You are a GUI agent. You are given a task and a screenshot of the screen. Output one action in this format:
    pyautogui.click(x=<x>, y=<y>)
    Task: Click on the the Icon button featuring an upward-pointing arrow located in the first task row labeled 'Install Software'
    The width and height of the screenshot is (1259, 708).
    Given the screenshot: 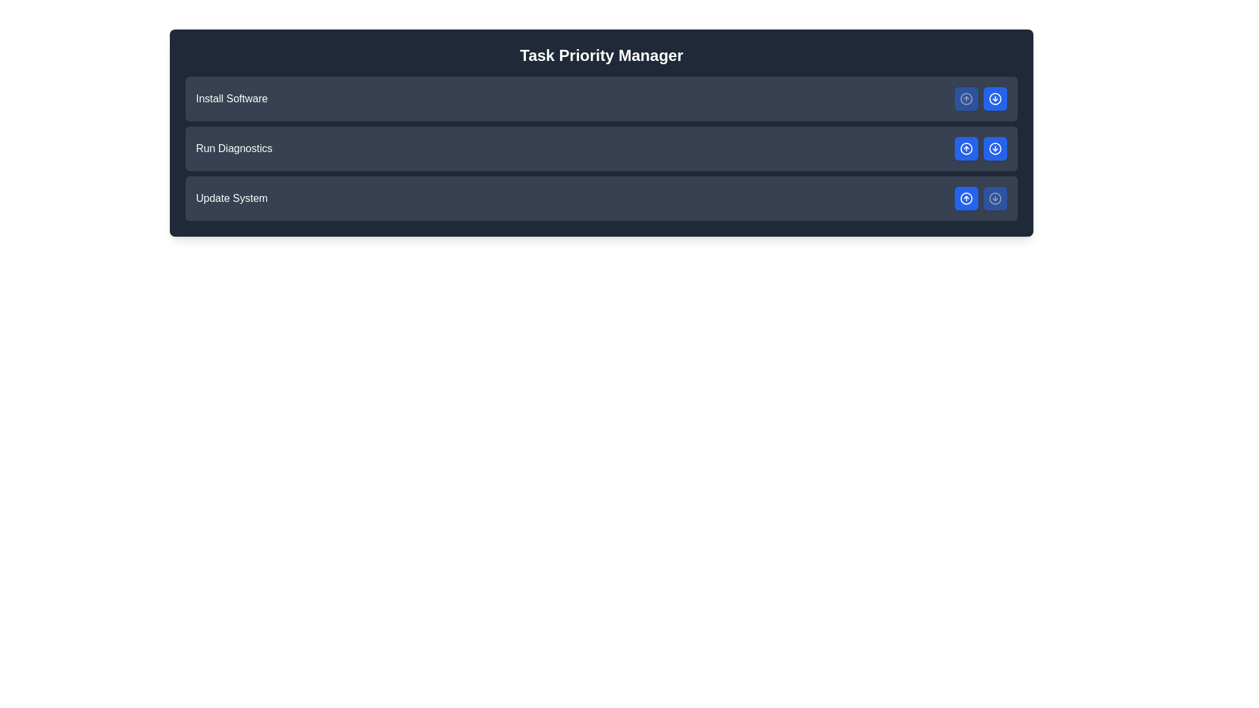 What is the action you would take?
    pyautogui.click(x=966, y=98)
    